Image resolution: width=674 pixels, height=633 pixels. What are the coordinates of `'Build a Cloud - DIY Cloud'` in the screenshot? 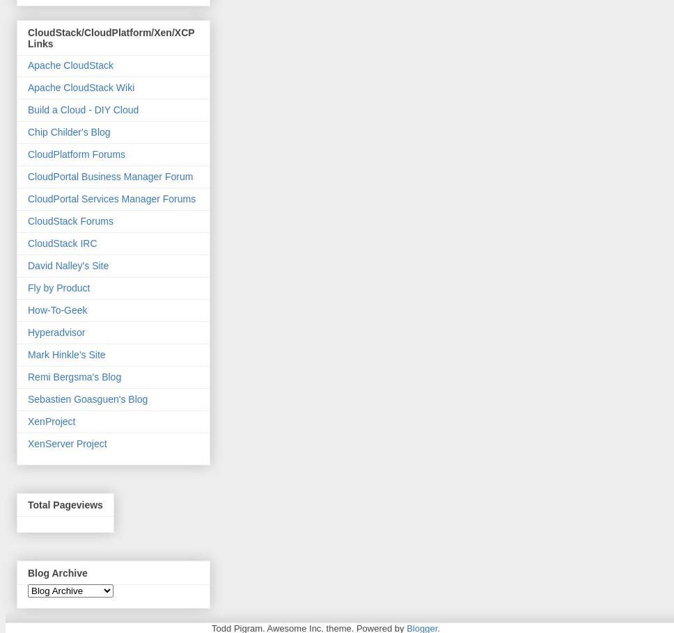 It's located at (83, 108).